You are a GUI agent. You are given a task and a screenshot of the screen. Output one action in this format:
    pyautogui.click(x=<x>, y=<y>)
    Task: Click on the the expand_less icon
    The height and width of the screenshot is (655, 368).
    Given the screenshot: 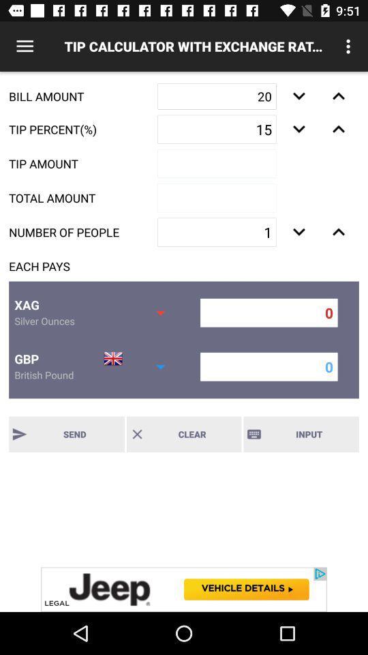 What is the action you would take?
    pyautogui.click(x=338, y=232)
    